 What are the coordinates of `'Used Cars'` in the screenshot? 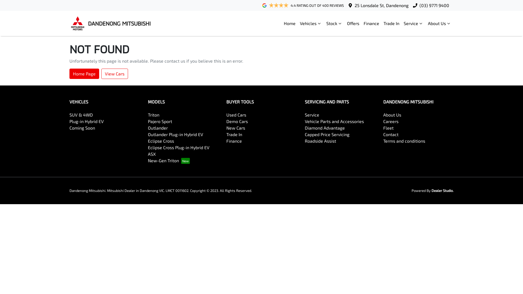 It's located at (226, 114).